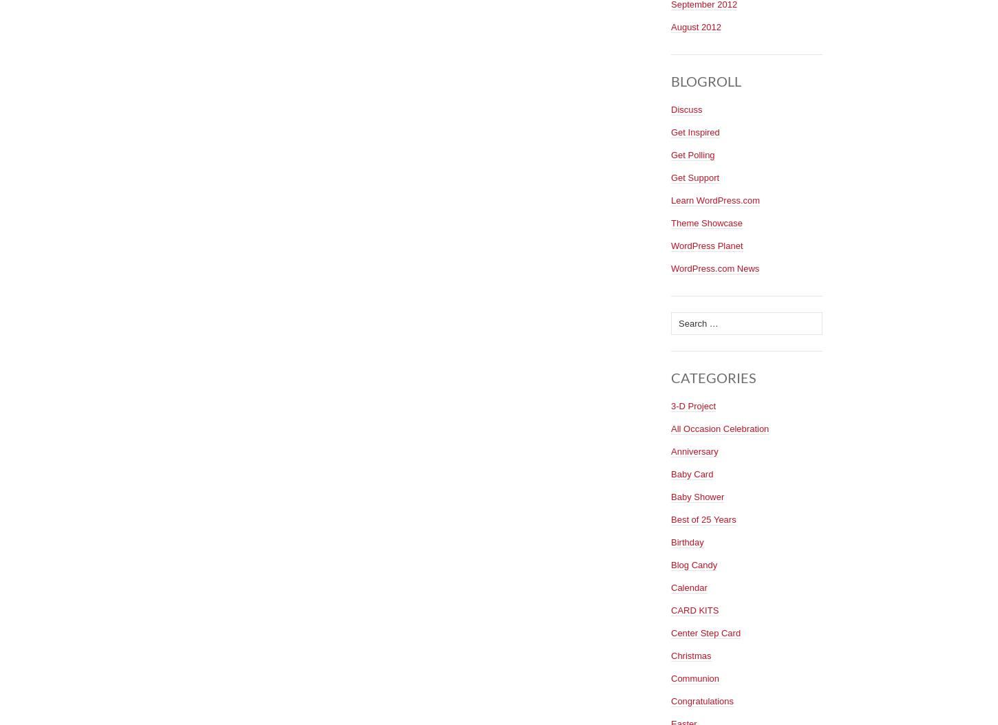  I want to click on 'Birthday', so click(687, 541).